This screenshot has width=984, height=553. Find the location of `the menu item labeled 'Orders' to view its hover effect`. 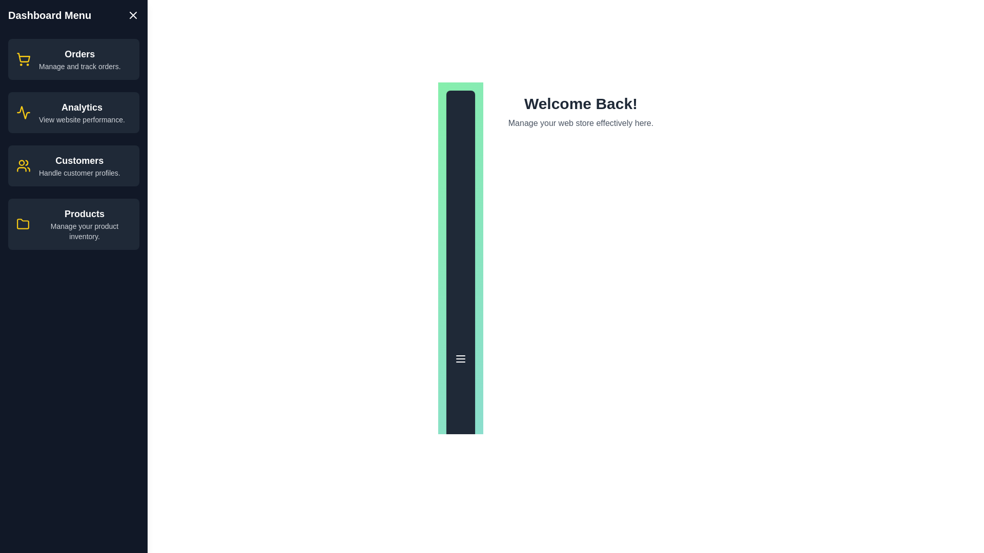

the menu item labeled 'Orders' to view its hover effect is located at coordinates (73, 59).